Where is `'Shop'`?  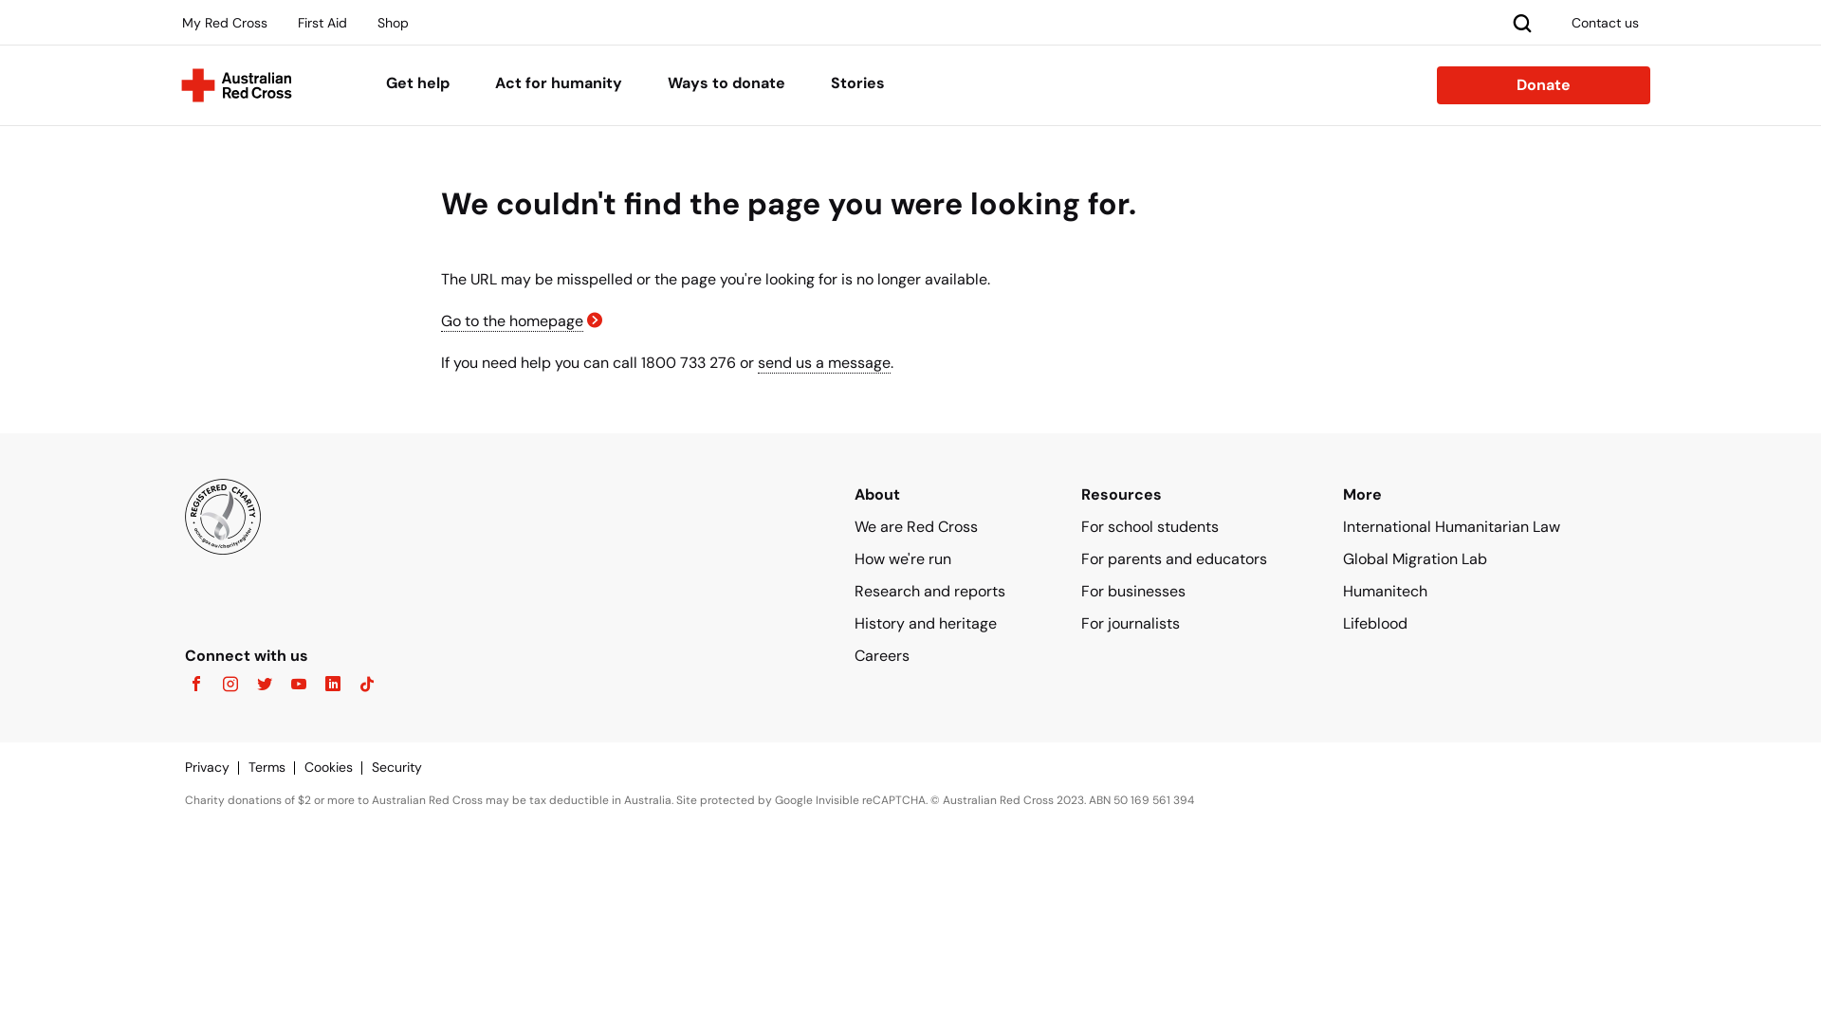
'Shop' is located at coordinates (365, 22).